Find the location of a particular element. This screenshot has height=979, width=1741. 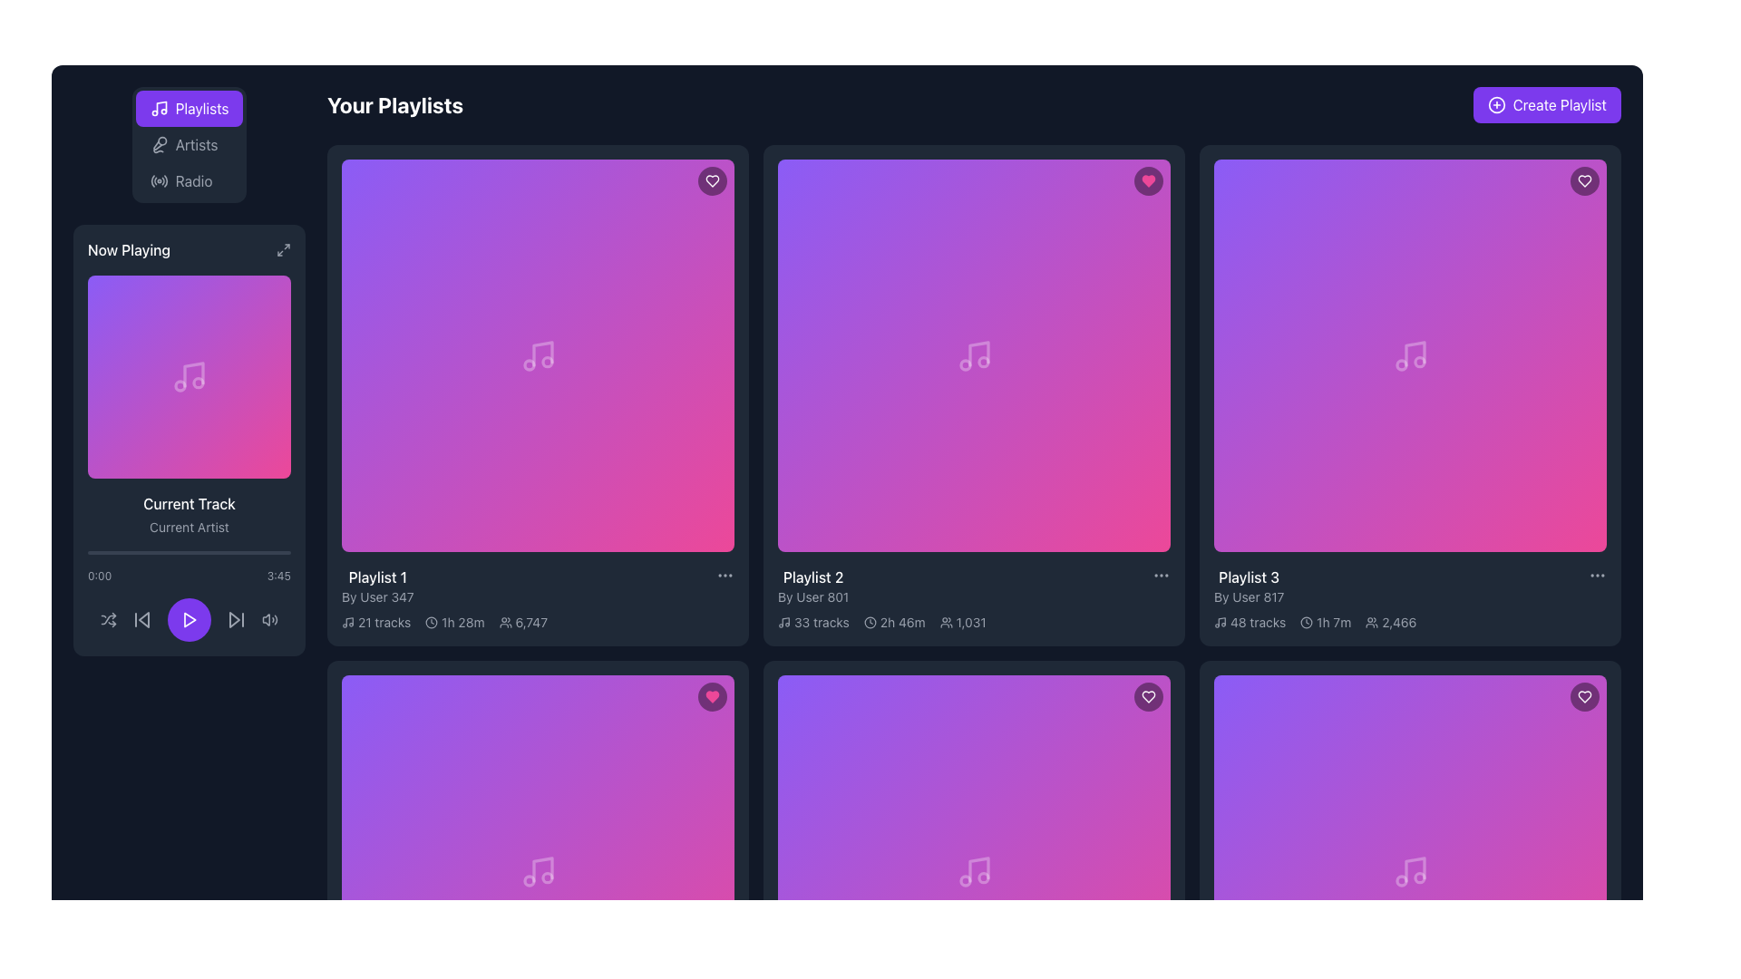

the circular violet button with a white play symbol located in the bottom-right playlist card is located at coordinates (1409, 870).